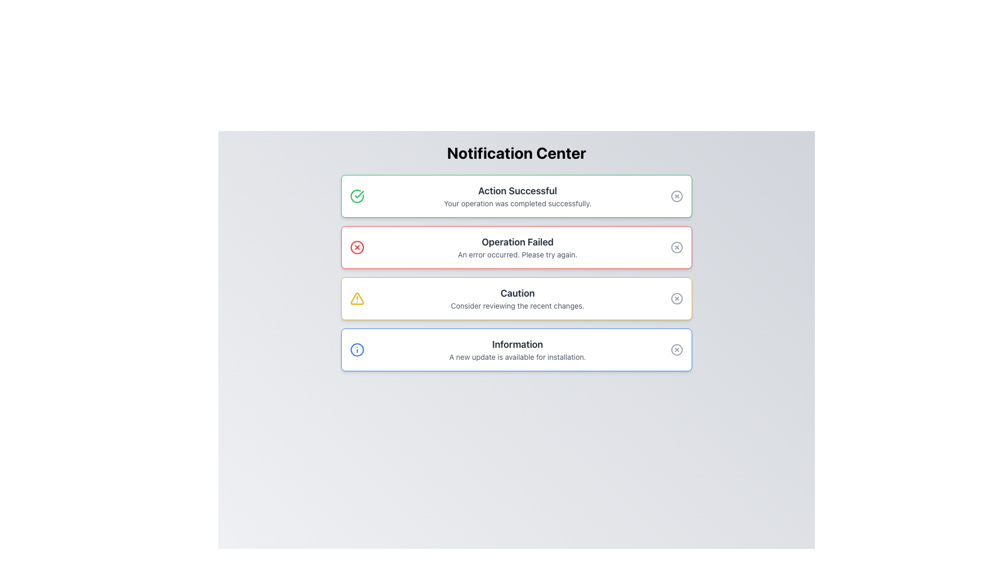 The image size is (1003, 564). What do you see at coordinates (677, 248) in the screenshot?
I see `the dismissal button located at the top-right corner of the 'Operation Failed' notification box to change its color` at bounding box center [677, 248].